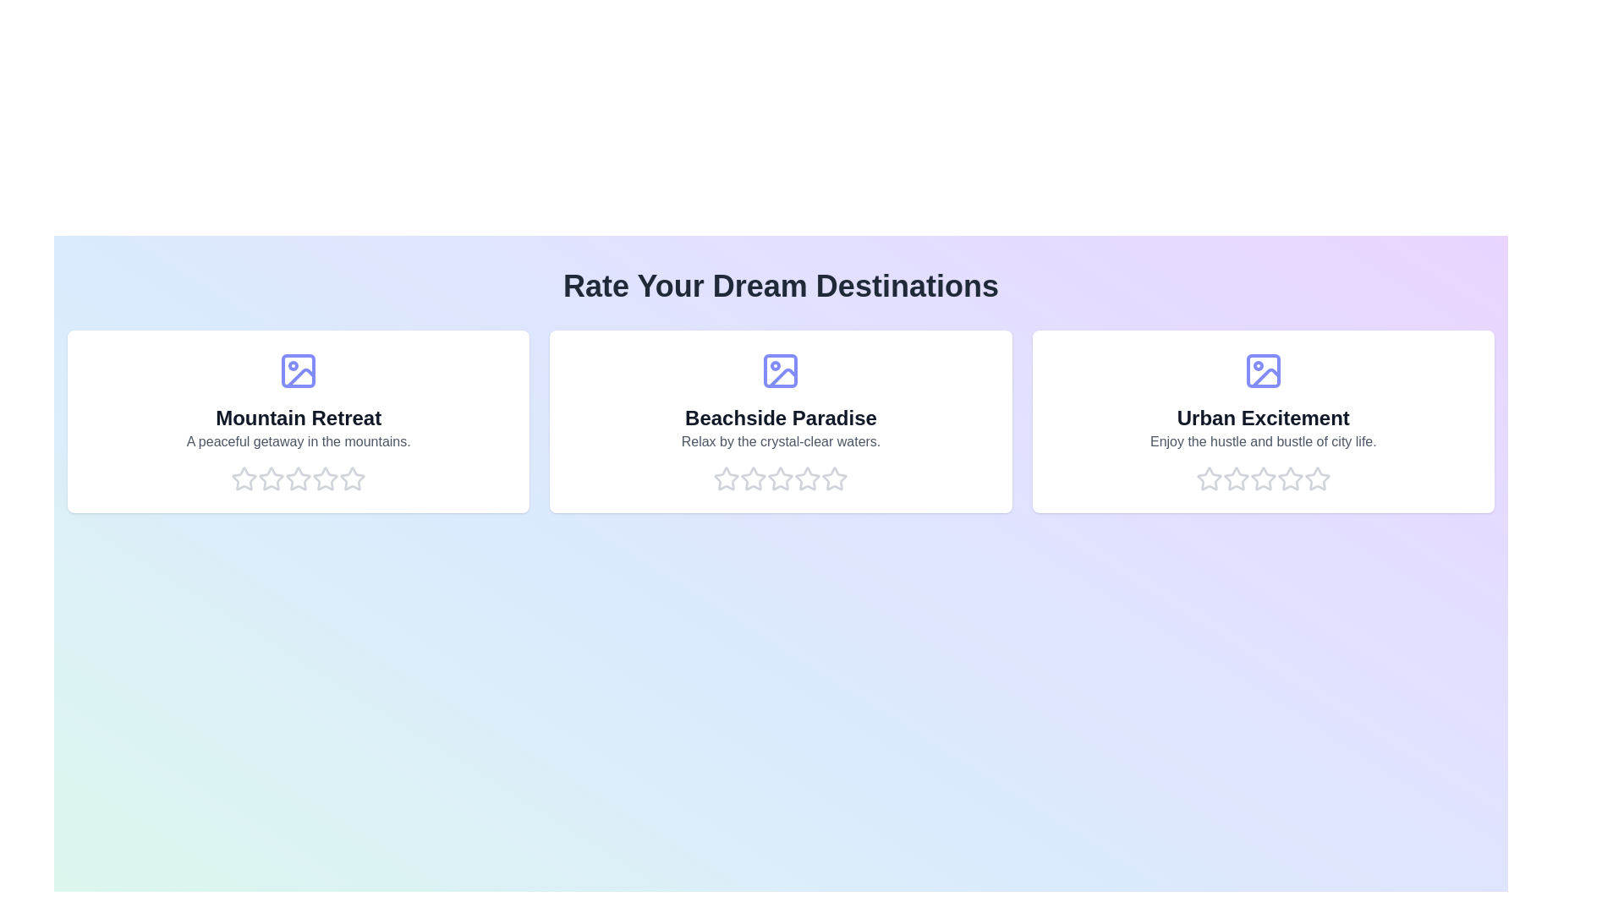  I want to click on the rating for a destination to 5 stars, so click(352, 479).